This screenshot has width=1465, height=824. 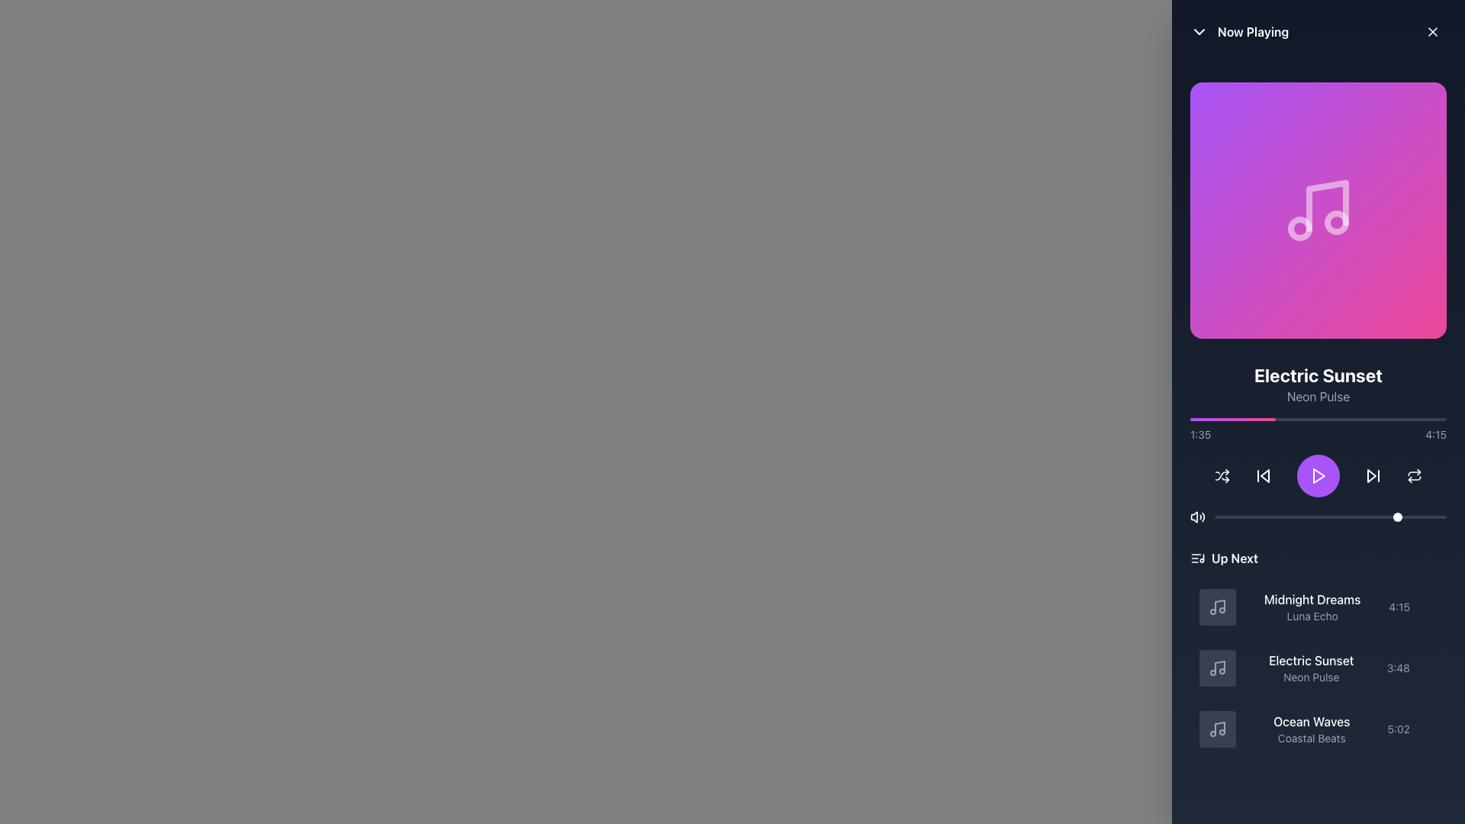 I want to click on the text label displaying '4:15', which indicates the duration of the track, located to the right of 'Midnight Dreams' and 'Luna Echo', so click(x=1399, y=606).